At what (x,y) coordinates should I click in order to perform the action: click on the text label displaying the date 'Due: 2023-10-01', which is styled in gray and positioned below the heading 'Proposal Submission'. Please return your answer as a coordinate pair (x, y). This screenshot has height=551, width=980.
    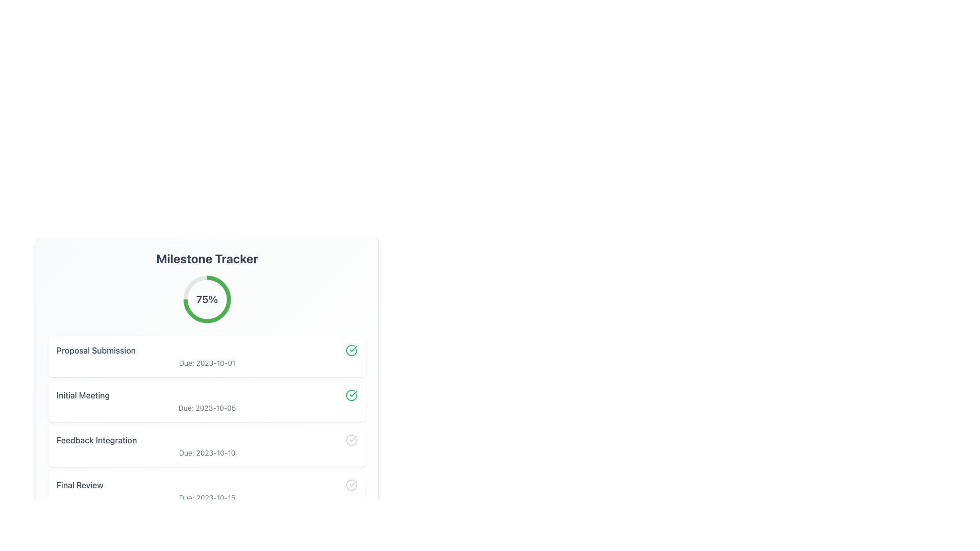
    Looking at the image, I should click on (207, 362).